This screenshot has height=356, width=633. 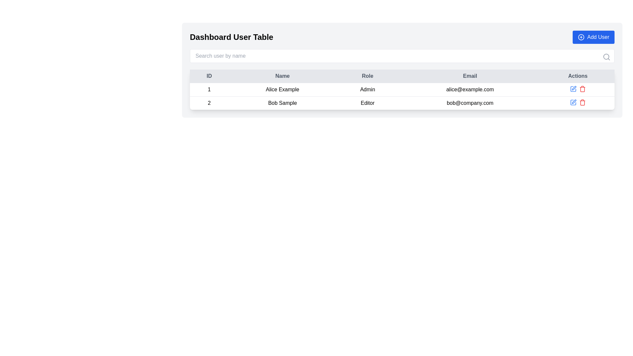 What do you see at coordinates (577, 76) in the screenshot?
I see `the fifth column header in the data table that indicates actions related to row items, located directly to the right of the 'Email' column header` at bounding box center [577, 76].